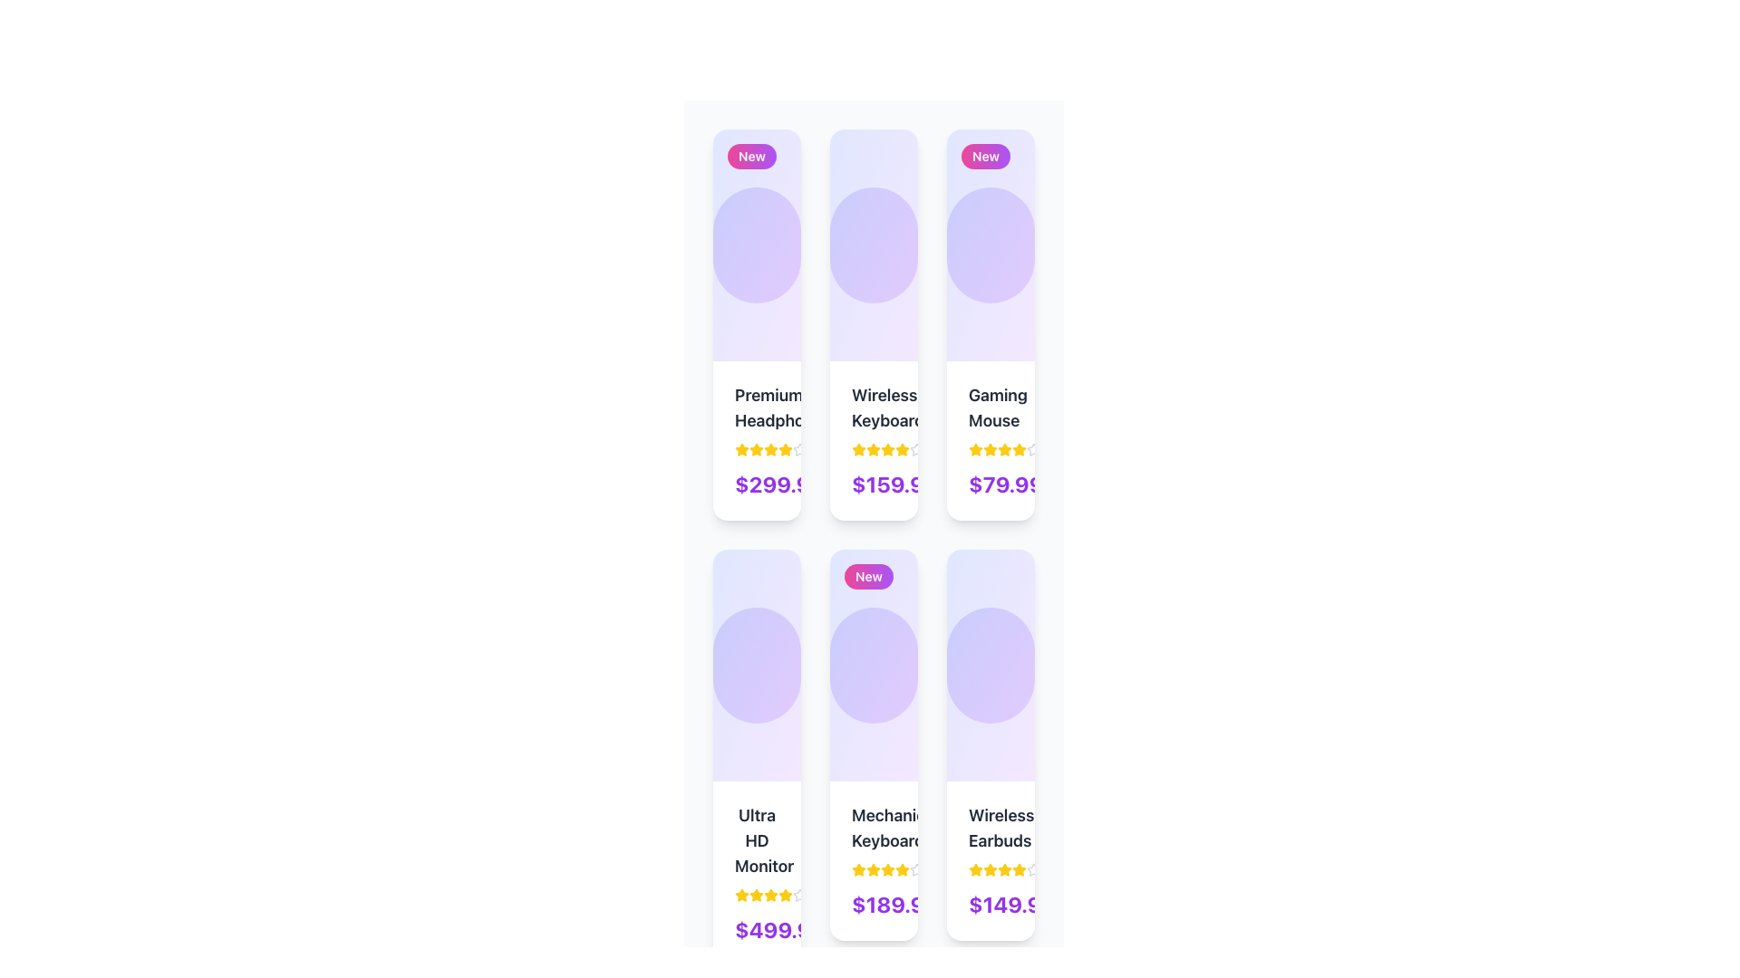 The image size is (1740, 978). What do you see at coordinates (990, 408) in the screenshot?
I see `the 'Gaming Mouse' text label located at the top of the third card in the grid layout, which is styled with a dark gray color and positioned above the rating stars` at bounding box center [990, 408].